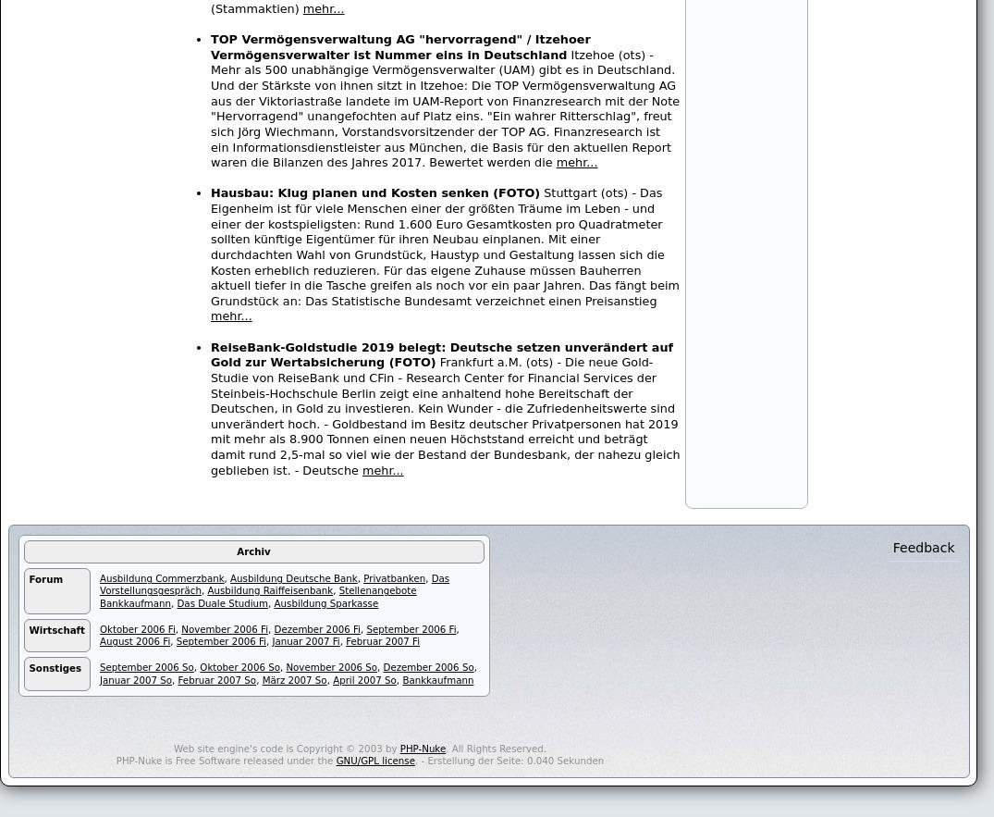  Describe the element at coordinates (223, 627) in the screenshot. I see `'November 2006 Fi'` at that location.